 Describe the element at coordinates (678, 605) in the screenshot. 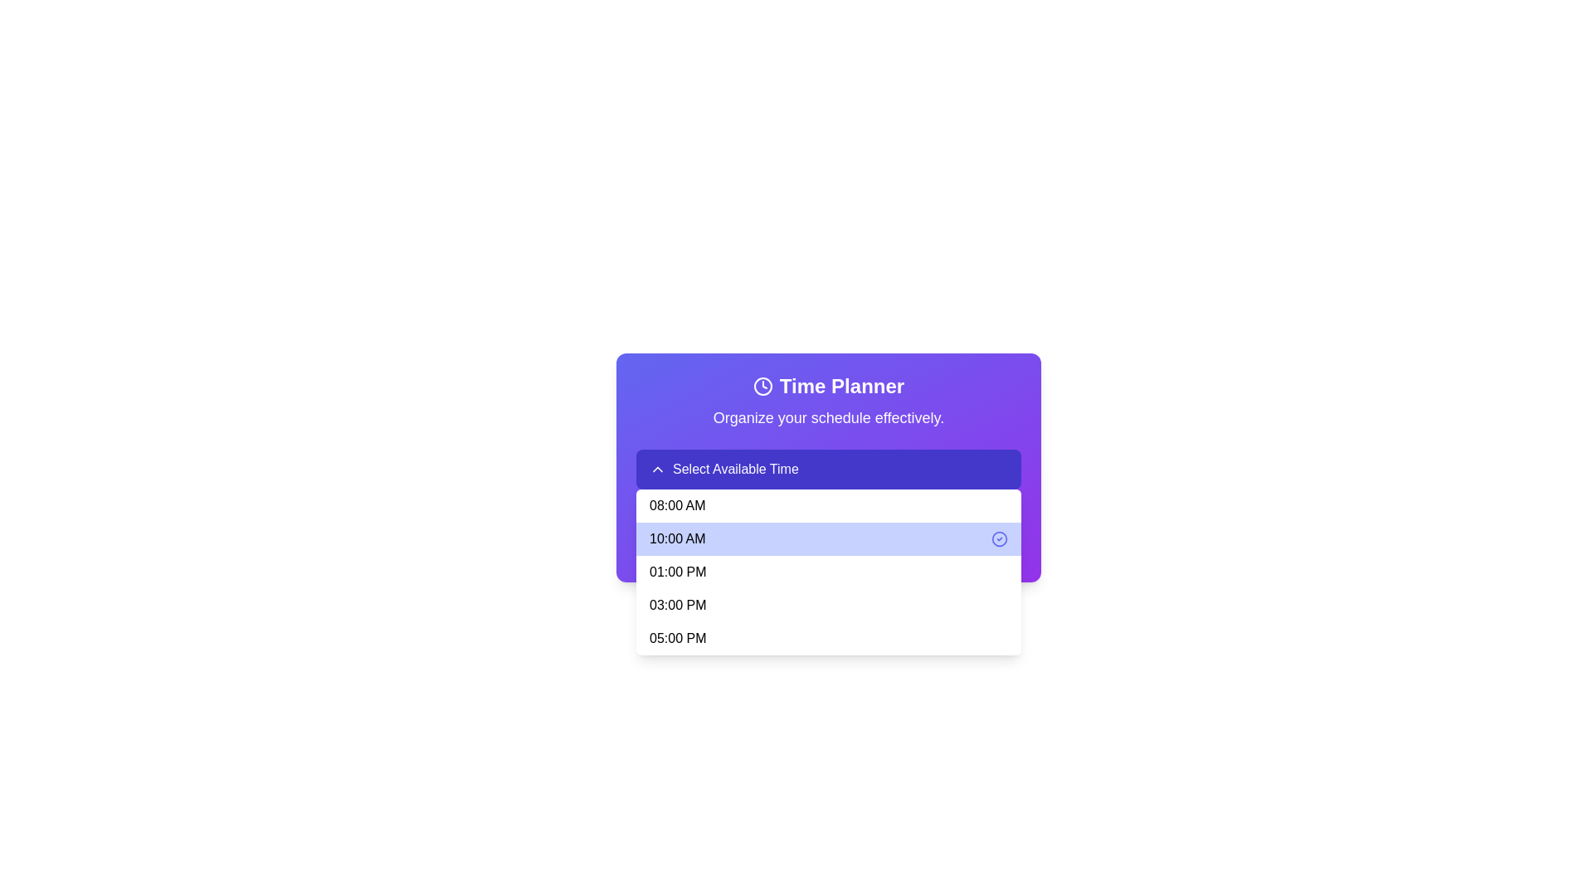

I see `the '03:00 PM' time selection option in the dropdown menu under the 'Select Available Time' section` at that location.